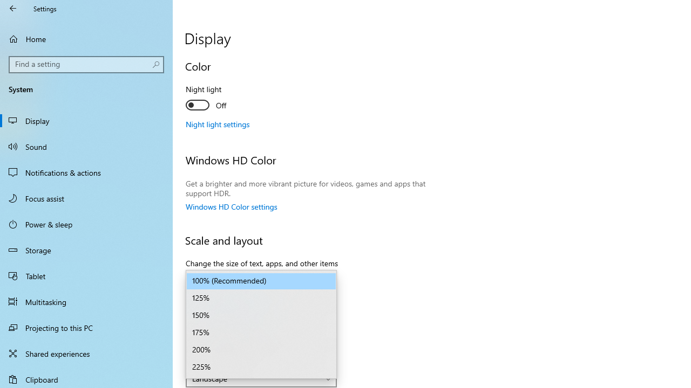 The image size is (691, 388). What do you see at coordinates (86, 38) in the screenshot?
I see `'Home'` at bounding box center [86, 38].